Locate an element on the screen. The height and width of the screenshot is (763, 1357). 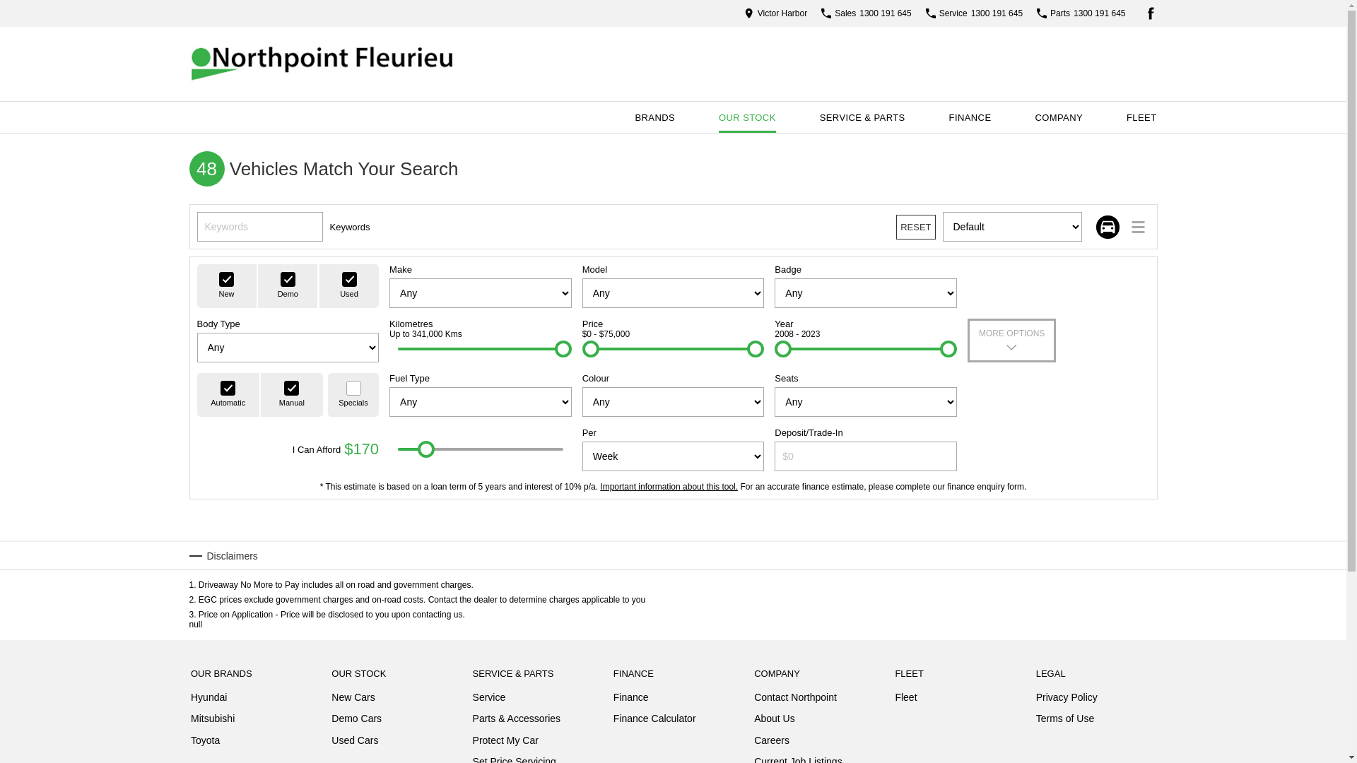
'Careers' is located at coordinates (771, 743).